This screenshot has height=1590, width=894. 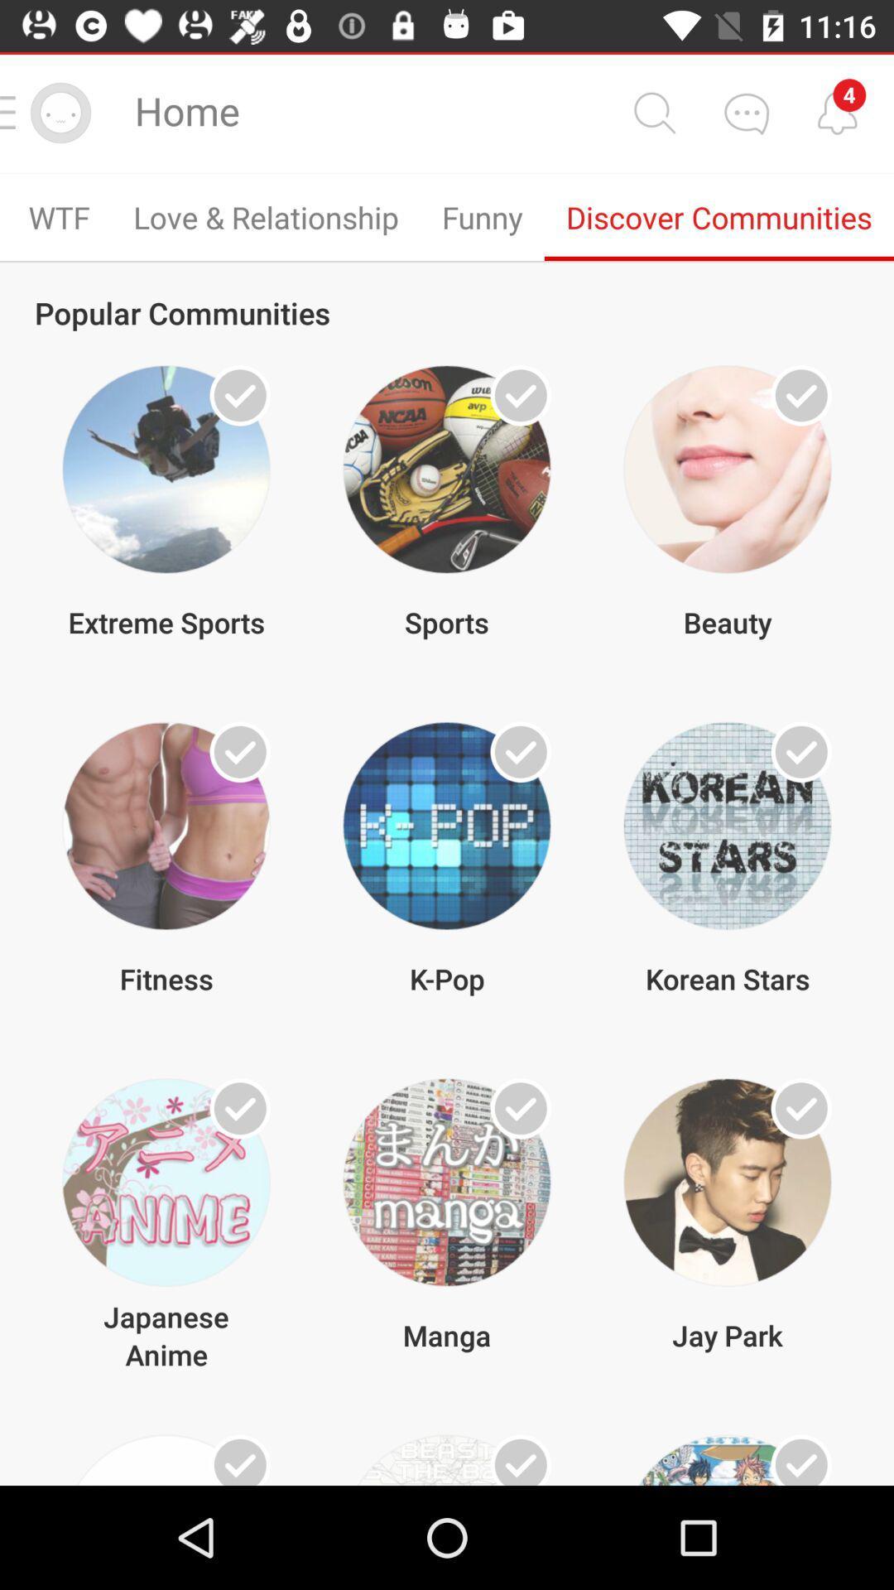 I want to click on extreme communities, so click(x=240, y=394).